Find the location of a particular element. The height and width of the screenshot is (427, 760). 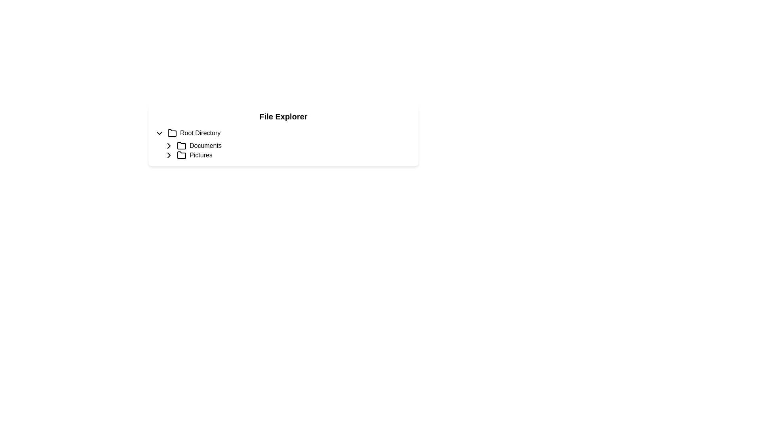

the 'Documents' folder icon is located at coordinates (181, 145).